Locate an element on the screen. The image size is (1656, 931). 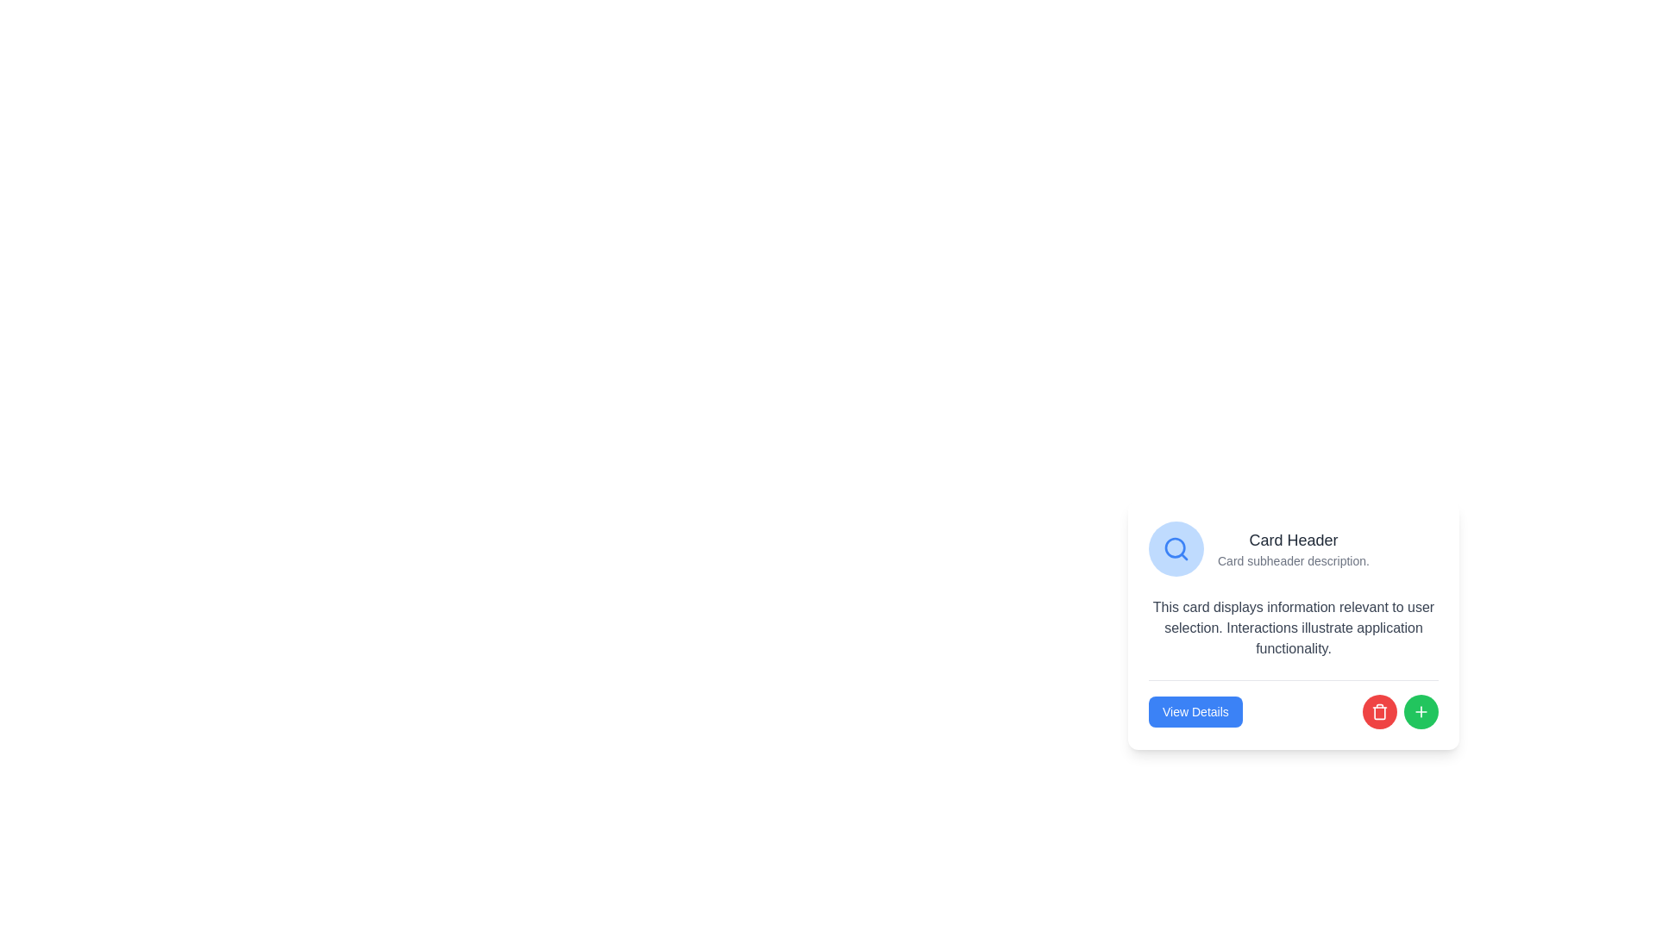
the magnifying glass icon representing the search function, which is styled prominently in a rounded light blue circle within a card interface is located at coordinates (1175, 548).